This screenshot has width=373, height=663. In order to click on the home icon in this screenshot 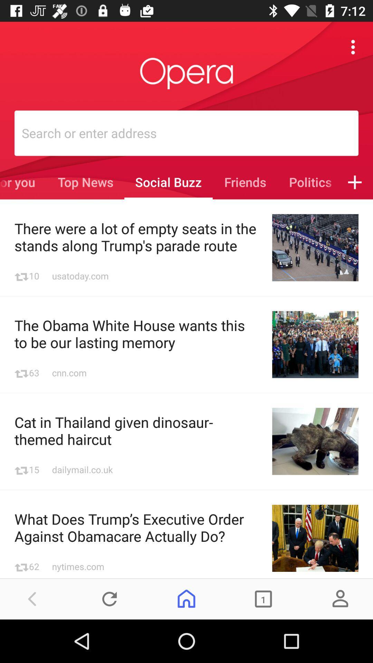, I will do `click(186, 598)`.